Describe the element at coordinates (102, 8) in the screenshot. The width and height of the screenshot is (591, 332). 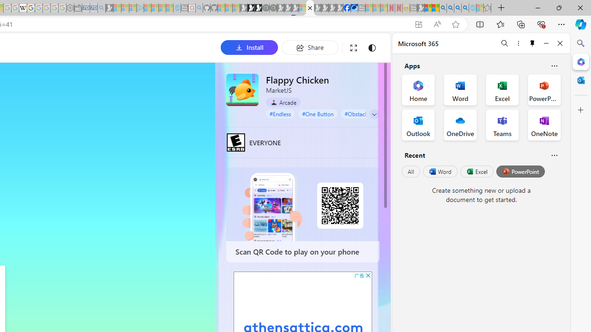
I see `'Bing Real Estate - Home sales and rental listings - Sleeping'` at that location.